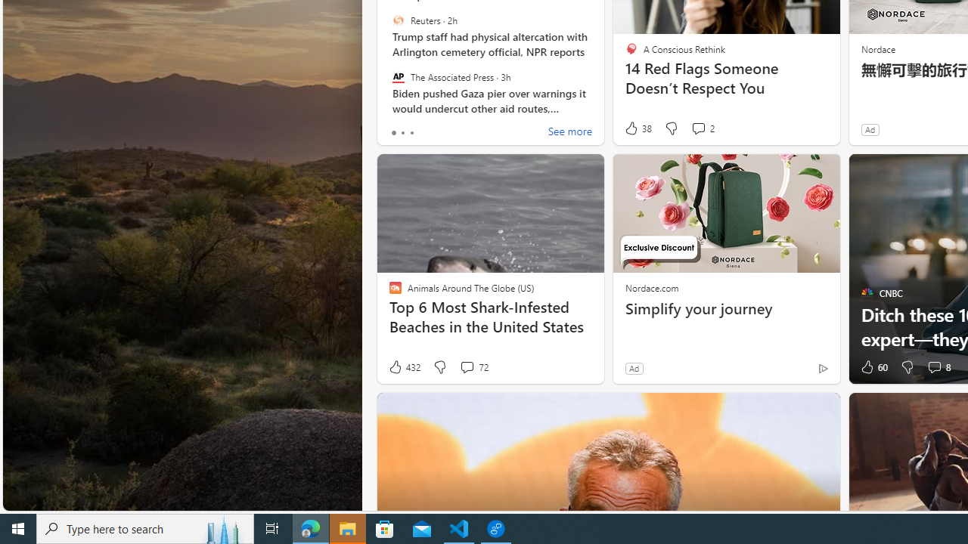 Image resolution: width=968 pixels, height=544 pixels. What do you see at coordinates (702, 128) in the screenshot?
I see `'View comments 2 Comment'` at bounding box center [702, 128].